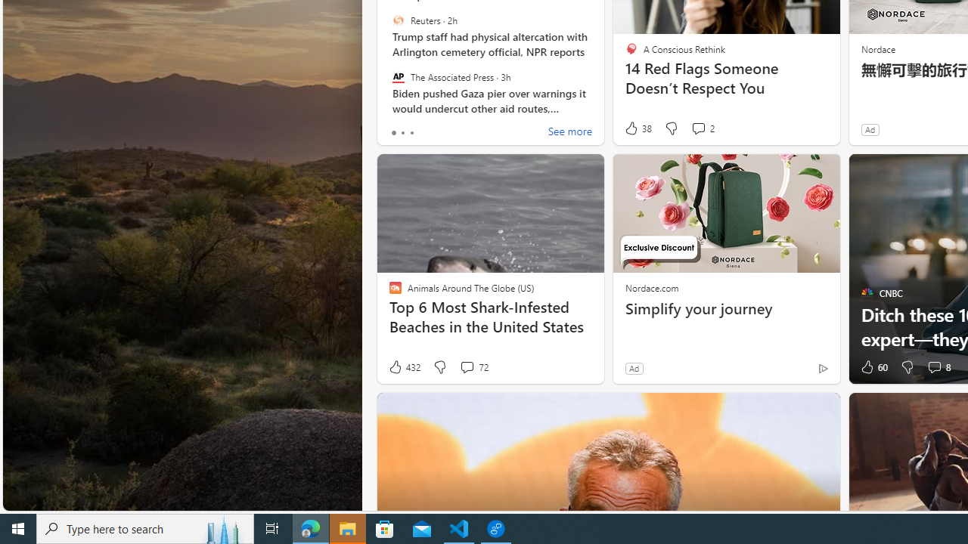 Image resolution: width=968 pixels, height=544 pixels. What do you see at coordinates (702, 128) in the screenshot?
I see `'View comments 2 Comment'` at bounding box center [702, 128].